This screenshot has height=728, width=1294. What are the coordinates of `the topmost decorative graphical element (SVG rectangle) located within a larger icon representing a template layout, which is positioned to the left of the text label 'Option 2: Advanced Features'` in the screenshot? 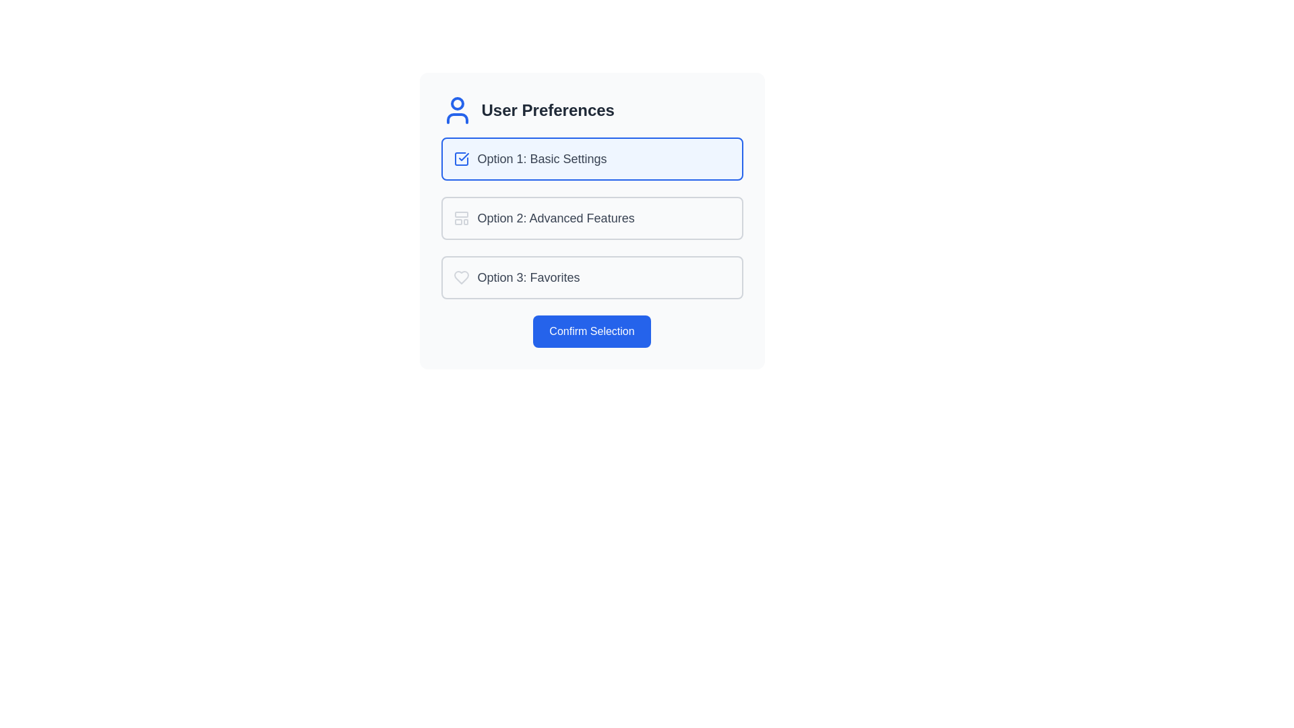 It's located at (461, 214).